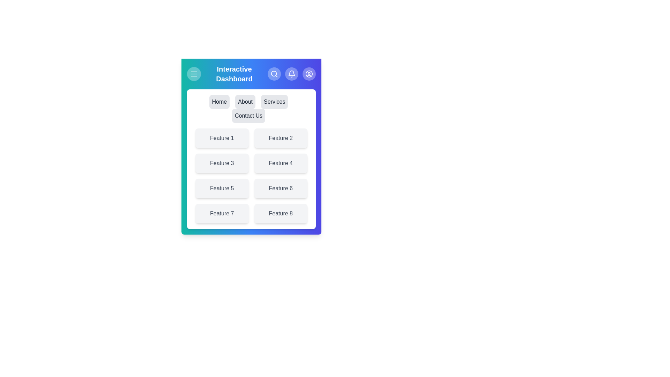 The width and height of the screenshot is (670, 377). I want to click on the menu item labeled Contact Us to navigate to the respective page, so click(248, 115).